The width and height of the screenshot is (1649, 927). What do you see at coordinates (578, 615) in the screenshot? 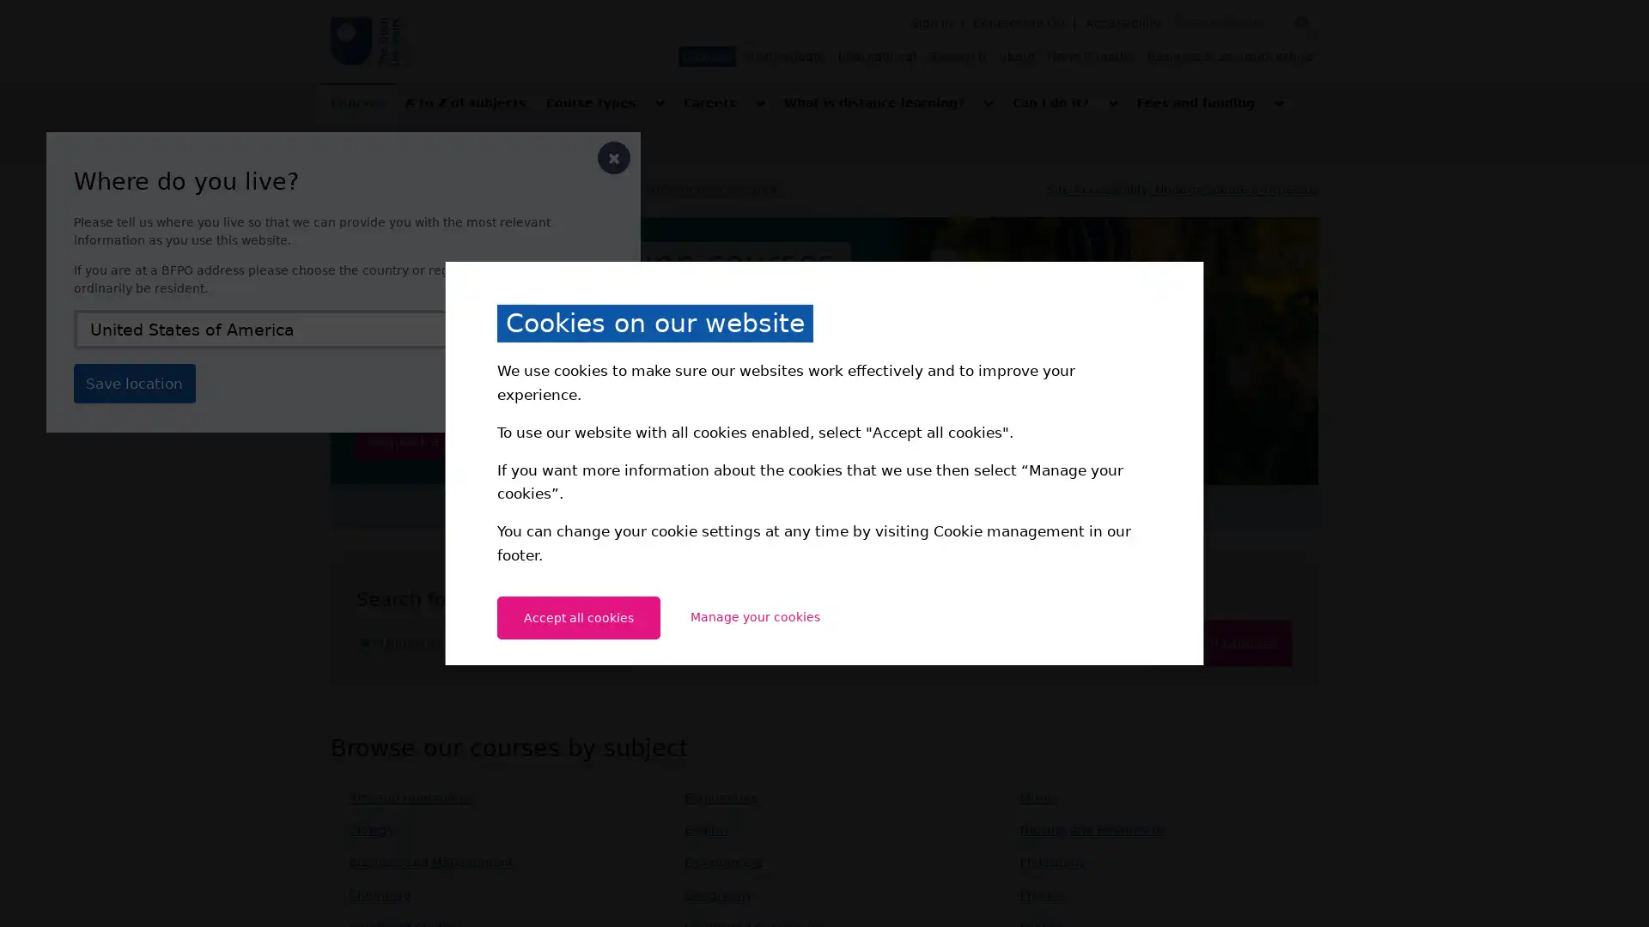
I see `Accept all cookies` at bounding box center [578, 615].